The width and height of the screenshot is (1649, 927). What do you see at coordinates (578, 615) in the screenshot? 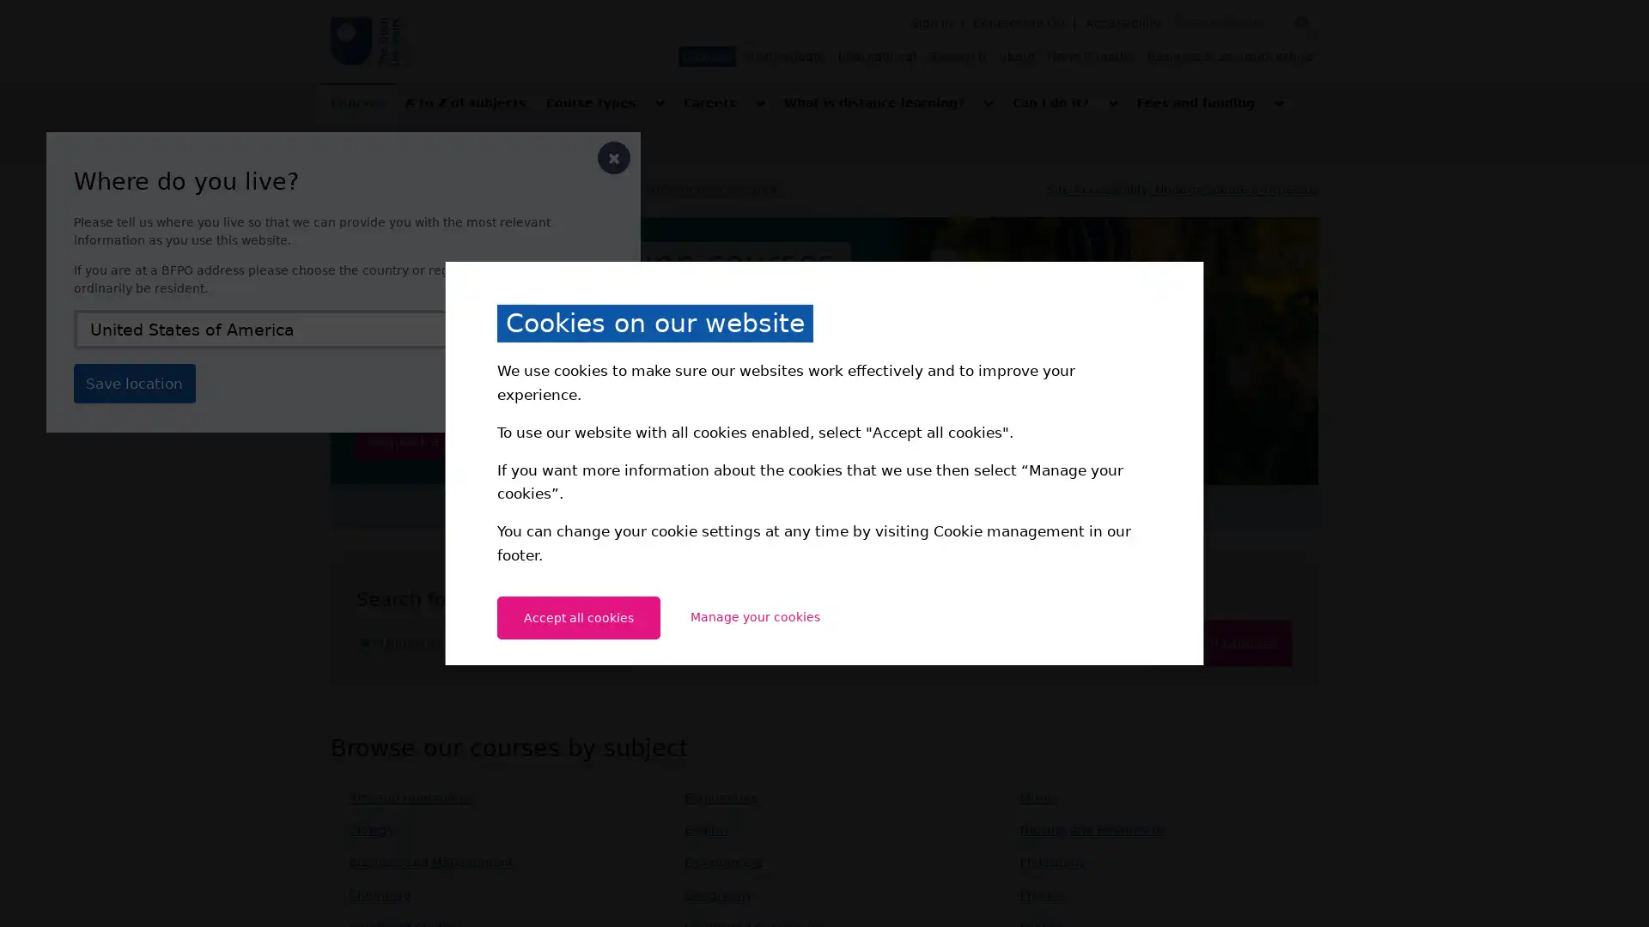
I see `Accept all cookies` at bounding box center [578, 615].